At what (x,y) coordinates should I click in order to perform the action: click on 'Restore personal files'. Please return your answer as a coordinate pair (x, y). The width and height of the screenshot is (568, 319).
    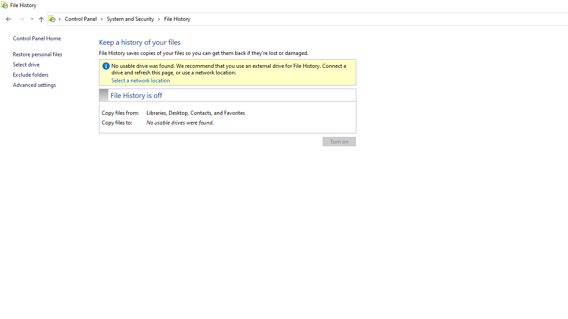
    Looking at the image, I should click on (37, 54).